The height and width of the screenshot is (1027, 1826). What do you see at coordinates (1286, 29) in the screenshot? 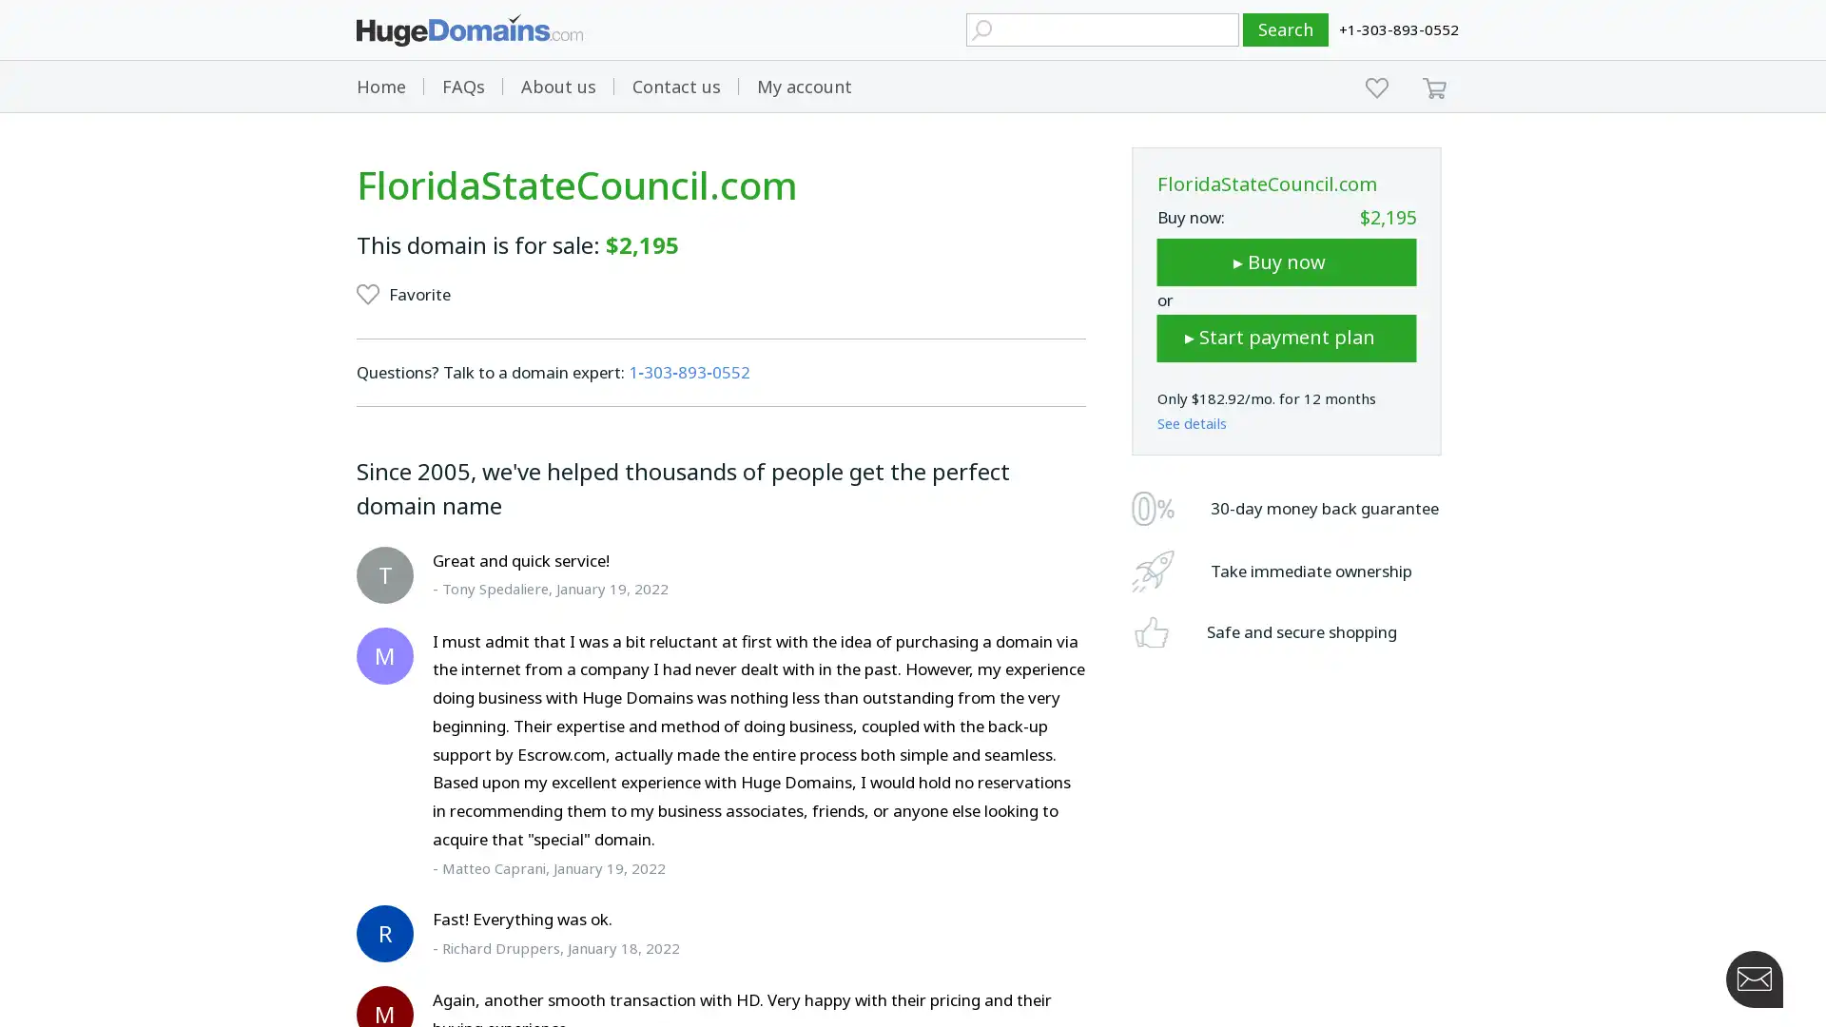
I see `Search` at bounding box center [1286, 29].